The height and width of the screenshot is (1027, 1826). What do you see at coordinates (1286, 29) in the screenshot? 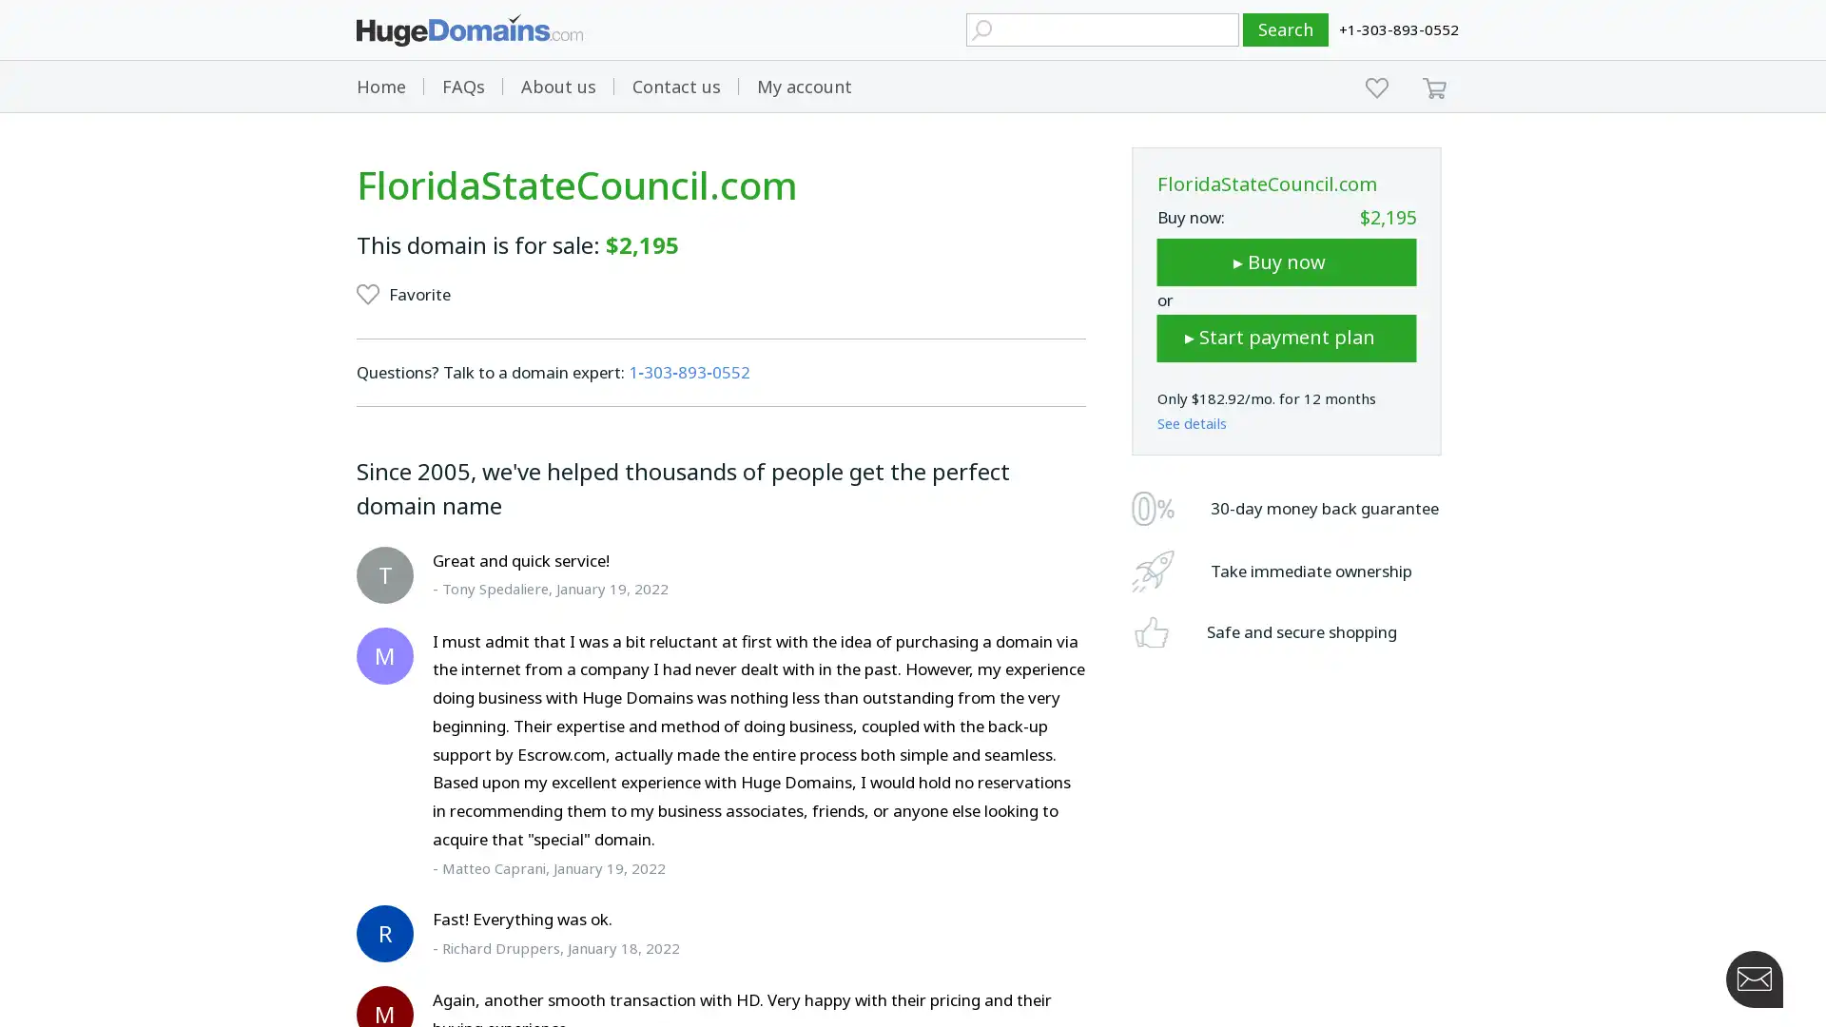
I see `Search` at bounding box center [1286, 29].